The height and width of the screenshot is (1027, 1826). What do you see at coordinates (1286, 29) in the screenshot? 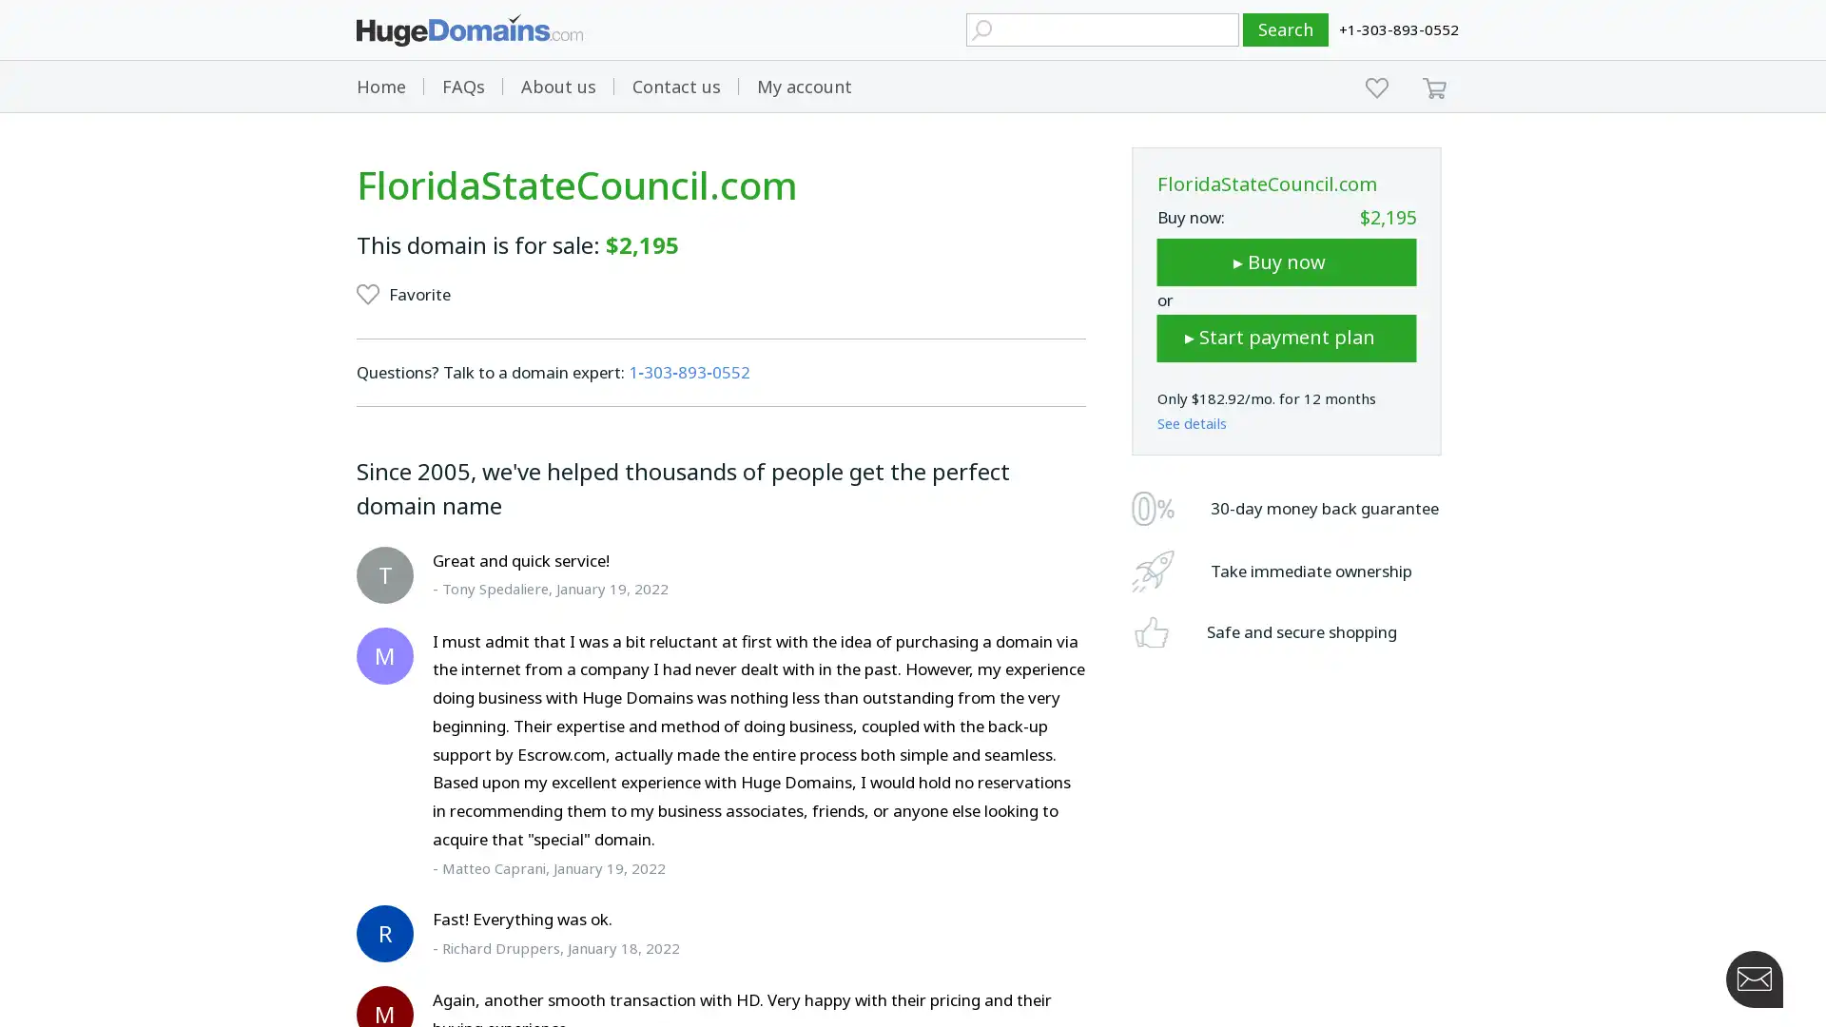
I see `Search` at bounding box center [1286, 29].